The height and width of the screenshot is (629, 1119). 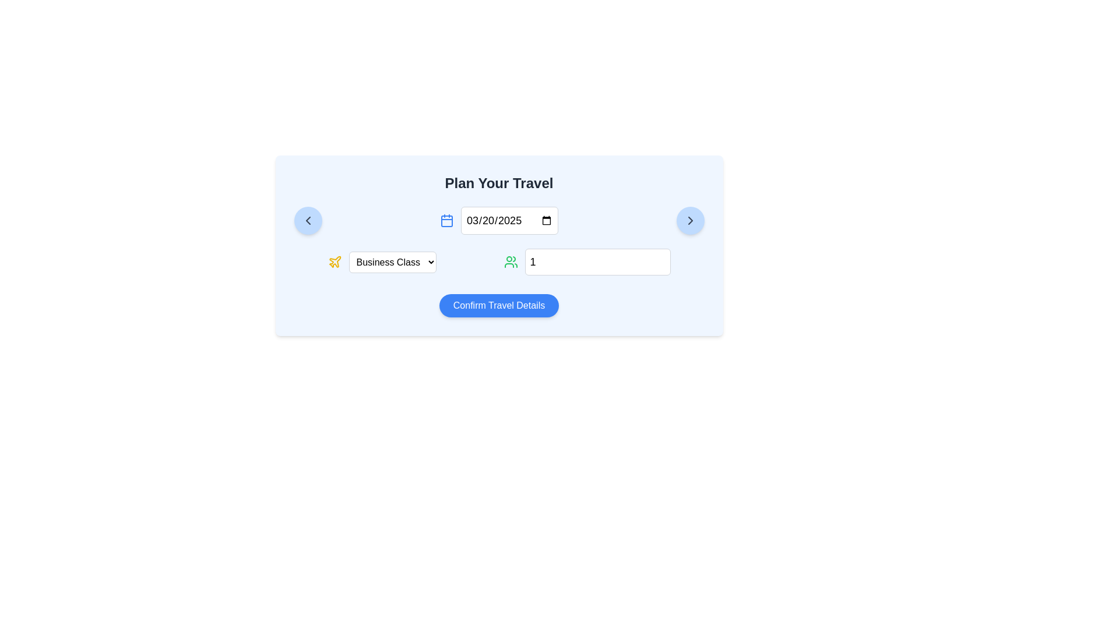 I want to click on the dropdown menu labeled 'Business Class' with a yellow plane icon, so click(x=382, y=262).